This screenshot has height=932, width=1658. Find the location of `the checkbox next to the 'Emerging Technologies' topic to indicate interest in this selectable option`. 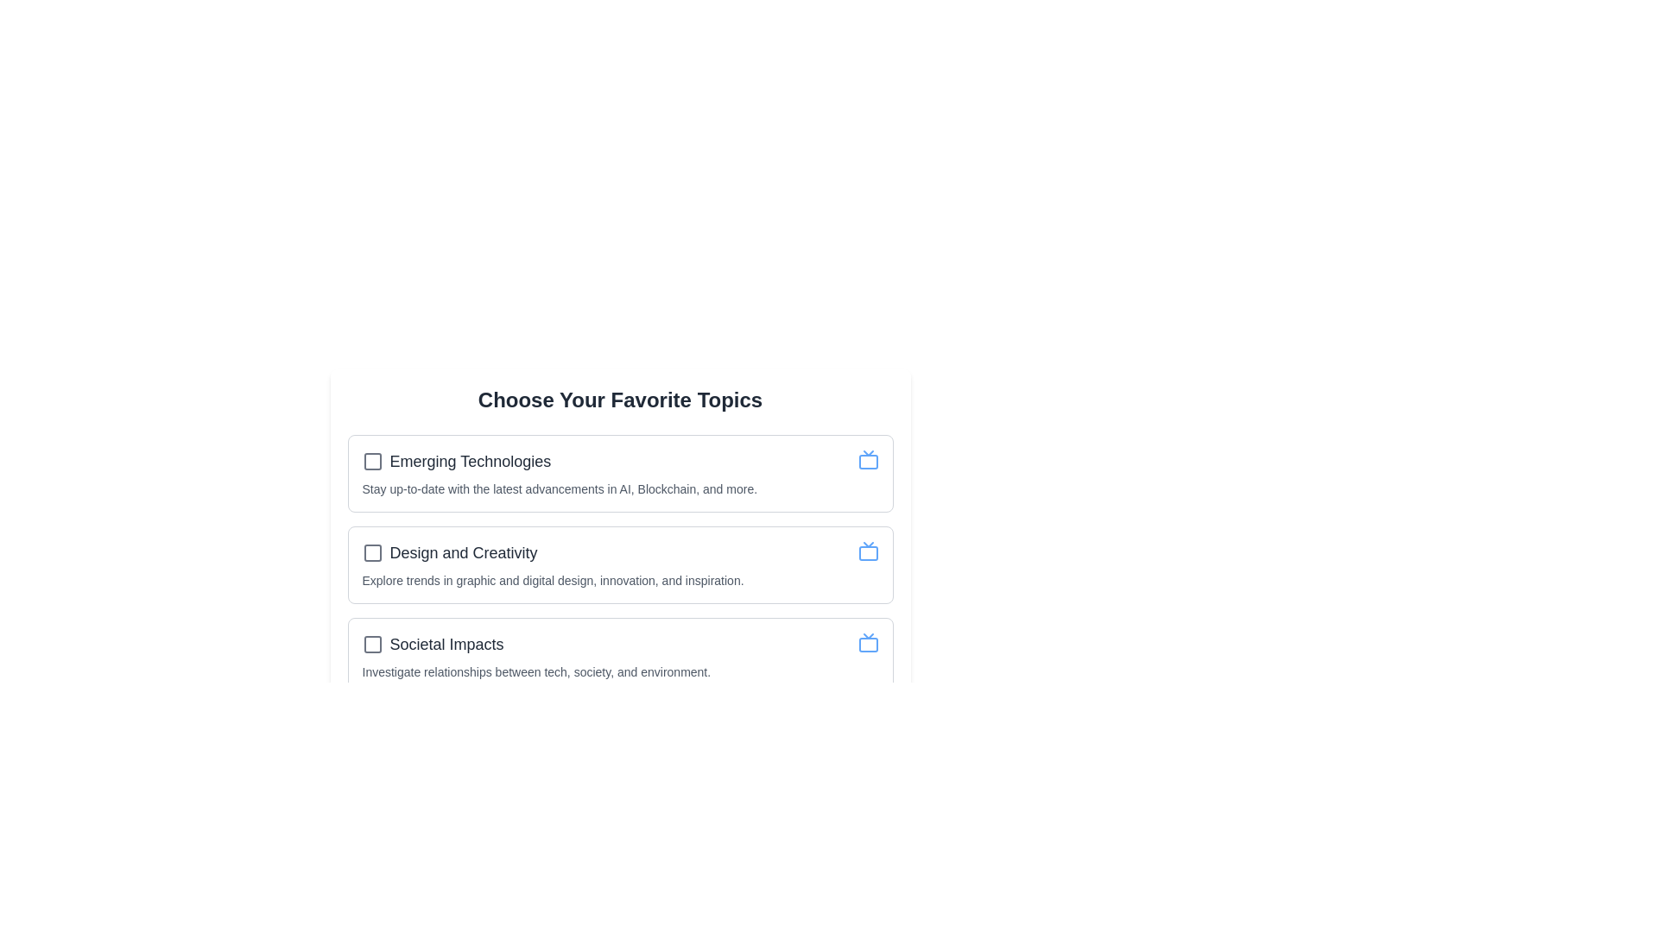

the checkbox next to the 'Emerging Technologies' topic to indicate interest in this selectable option is located at coordinates (456, 461).